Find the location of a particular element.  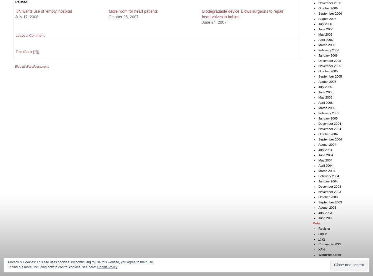

'October 2004' is located at coordinates (328, 134).